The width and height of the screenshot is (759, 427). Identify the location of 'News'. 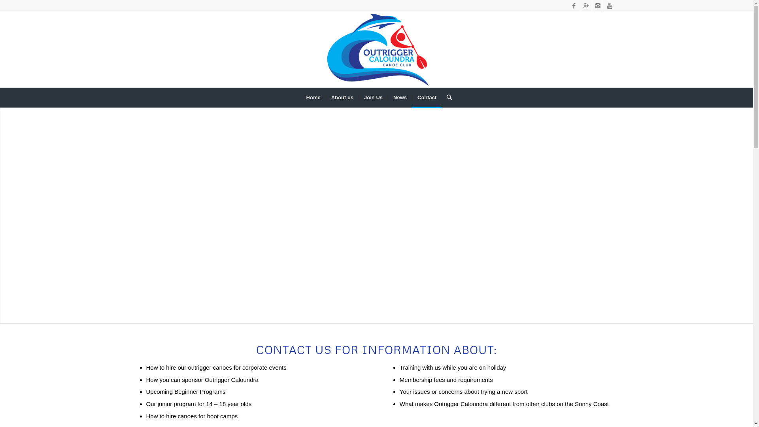
(400, 97).